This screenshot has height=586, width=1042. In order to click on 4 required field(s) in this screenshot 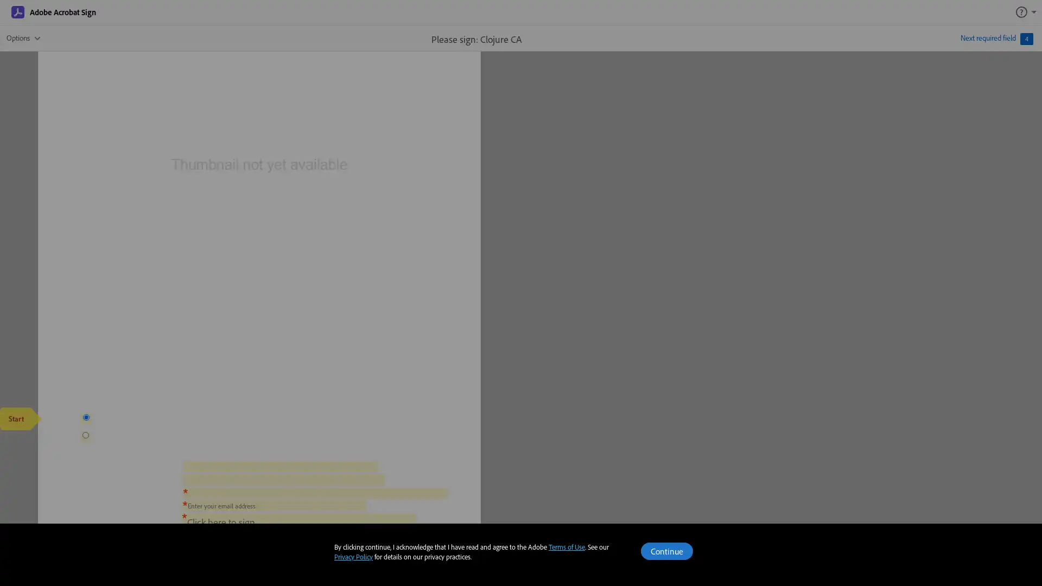, I will do `click(1026, 39)`.